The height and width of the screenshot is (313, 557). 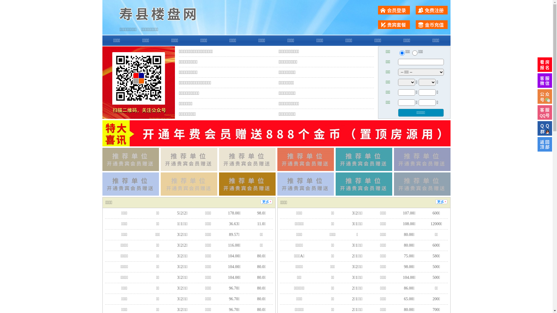 What do you see at coordinates (415, 53) in the screenshot?
I see `'chuzu'` at bounding box center [415, 53].